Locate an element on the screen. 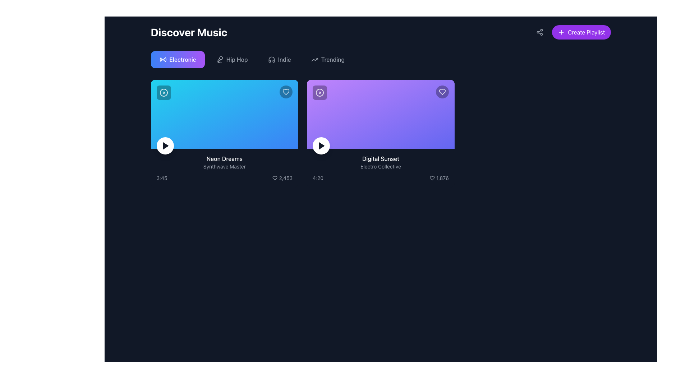 Image resolution: width=690 pixels, height=388 pixels. the Indie genre icon, which is a minimalist headphone icon located in the upper section of the page, second from the left is located at coordinates (271, 59).